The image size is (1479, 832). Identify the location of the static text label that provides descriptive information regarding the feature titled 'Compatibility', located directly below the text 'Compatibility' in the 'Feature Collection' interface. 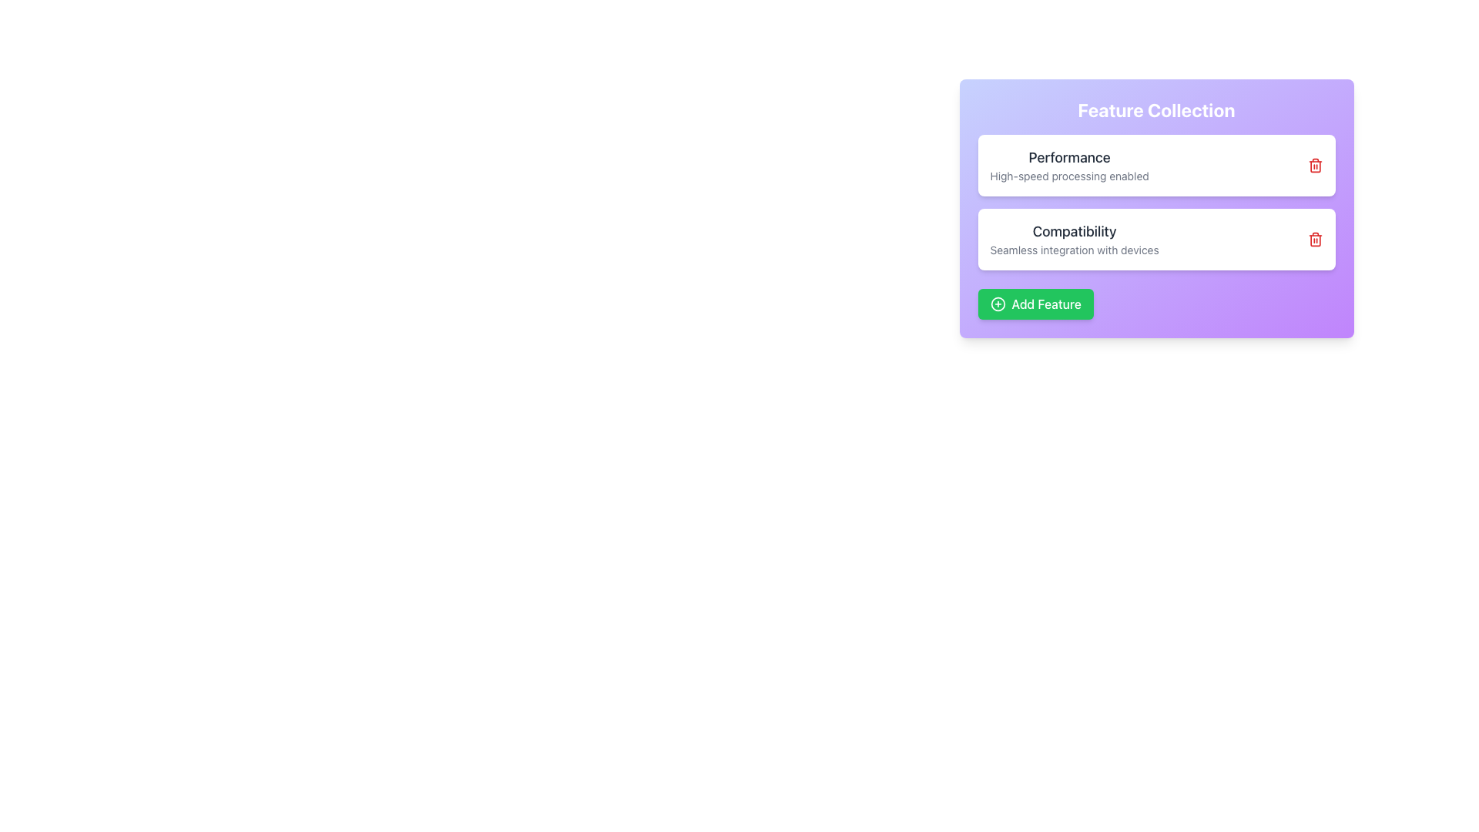
(1074, 249).